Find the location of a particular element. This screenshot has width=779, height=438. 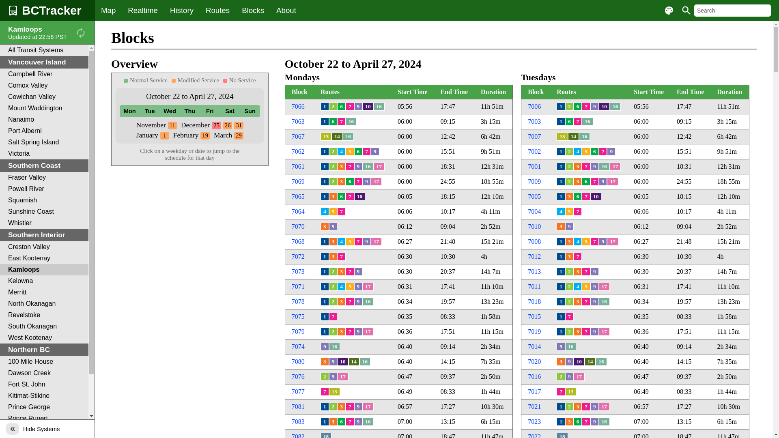

'9' is located at coordinates (590, 302).